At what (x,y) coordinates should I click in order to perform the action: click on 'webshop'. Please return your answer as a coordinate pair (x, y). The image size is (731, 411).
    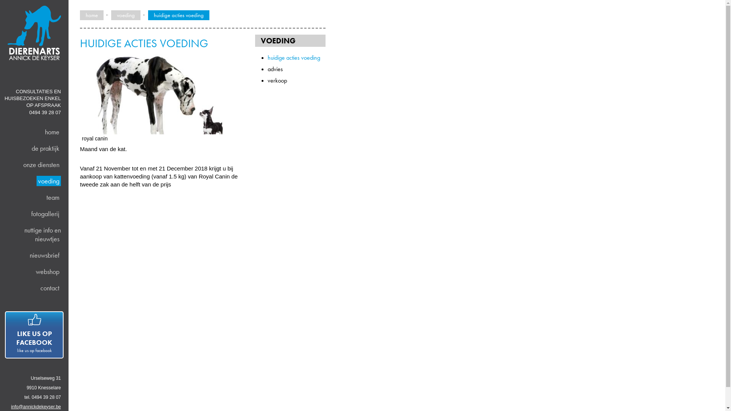
    Looking at the image, I should click on (47, 271).